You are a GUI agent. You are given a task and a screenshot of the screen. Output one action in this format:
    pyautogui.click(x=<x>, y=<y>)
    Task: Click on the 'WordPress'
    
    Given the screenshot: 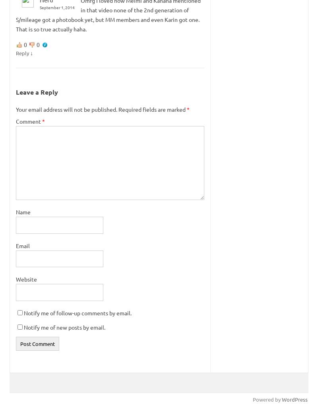 What is the action you would take?
    pyautogui.click(x=295, y=399)
    